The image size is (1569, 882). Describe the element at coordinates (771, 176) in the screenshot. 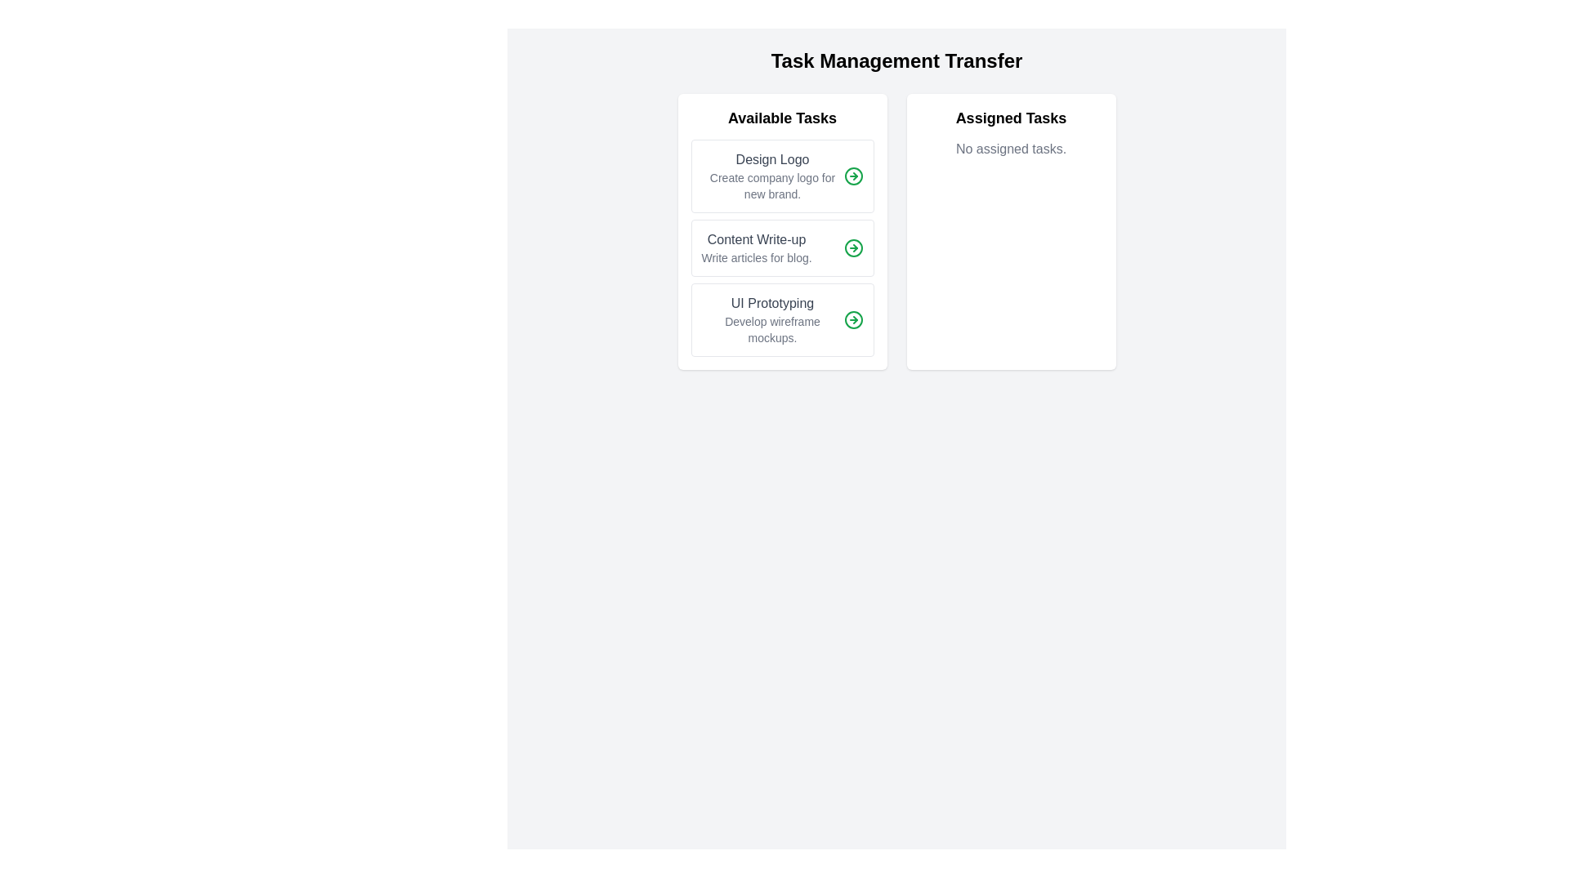

I see `the 'Design Logo' text block in the 'Available Tasks' list` at that location.